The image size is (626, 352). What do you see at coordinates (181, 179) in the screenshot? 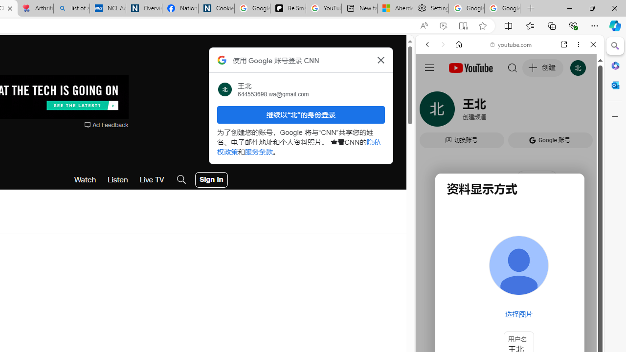
I see `'Search Icon'` at bounding box center [181, 179].